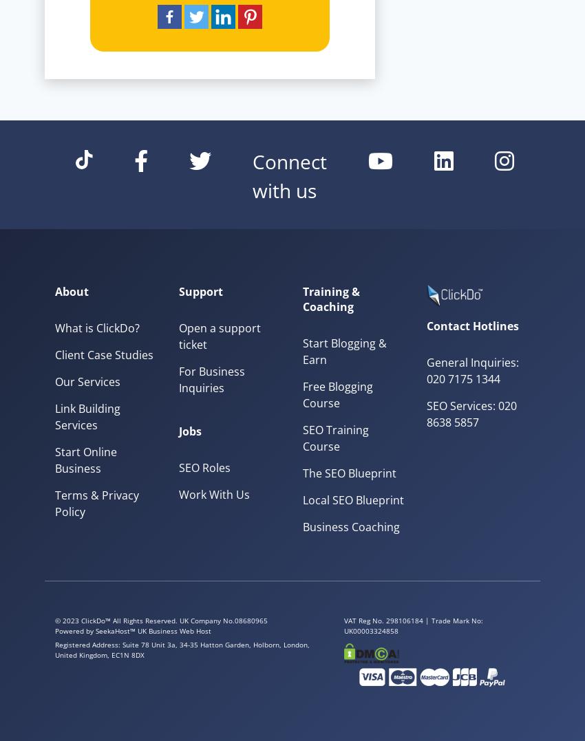 The height and width of the screenshot is (741, 585). I want to click on 'Open a support ticket', so click(220, 335).